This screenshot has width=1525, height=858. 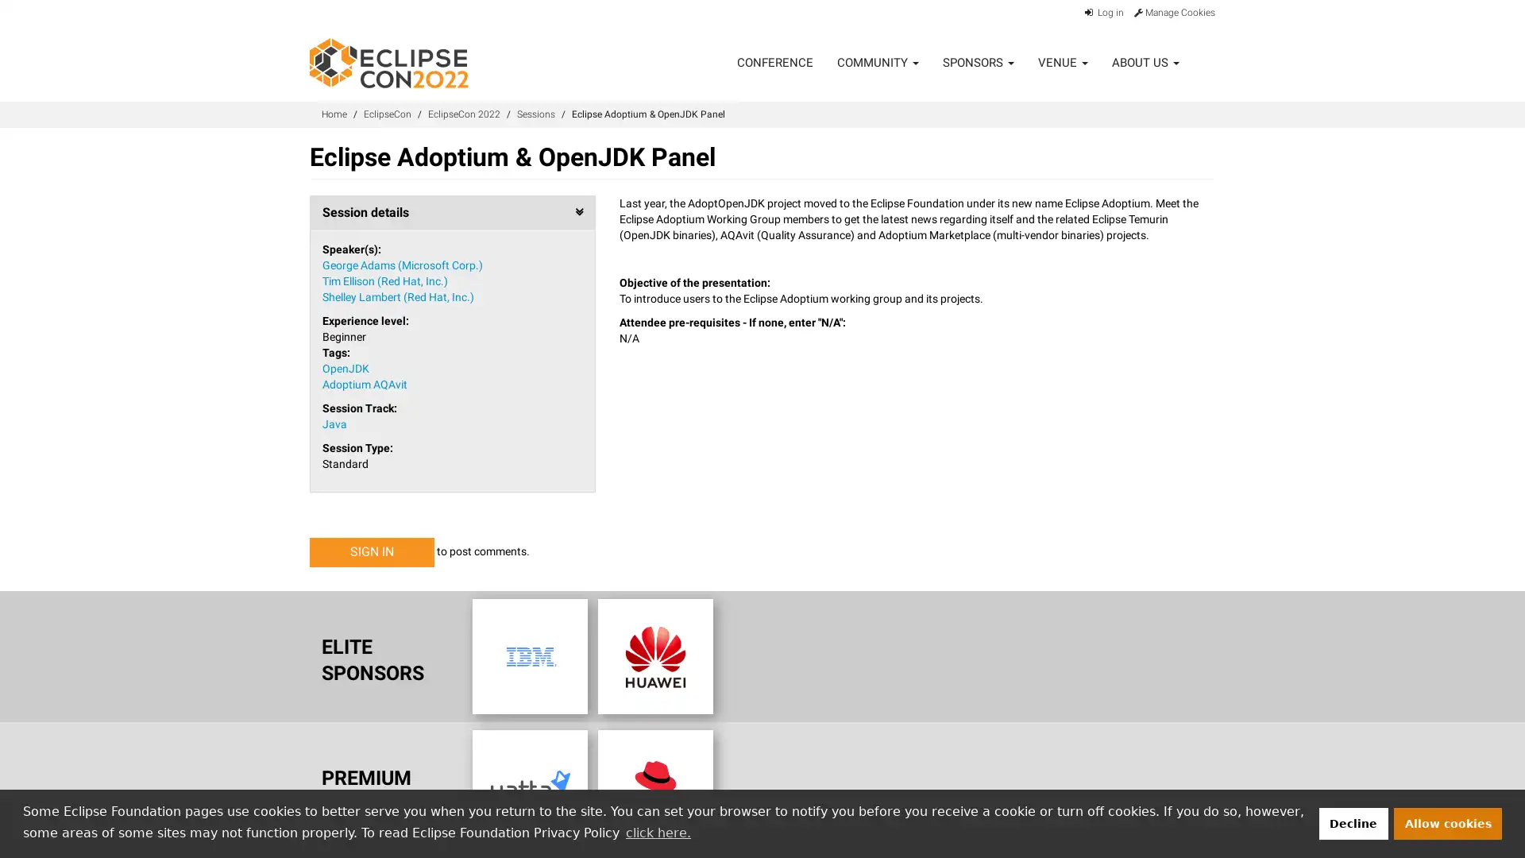 I want to click on learn more about cookies, so click(x=658, y=832).